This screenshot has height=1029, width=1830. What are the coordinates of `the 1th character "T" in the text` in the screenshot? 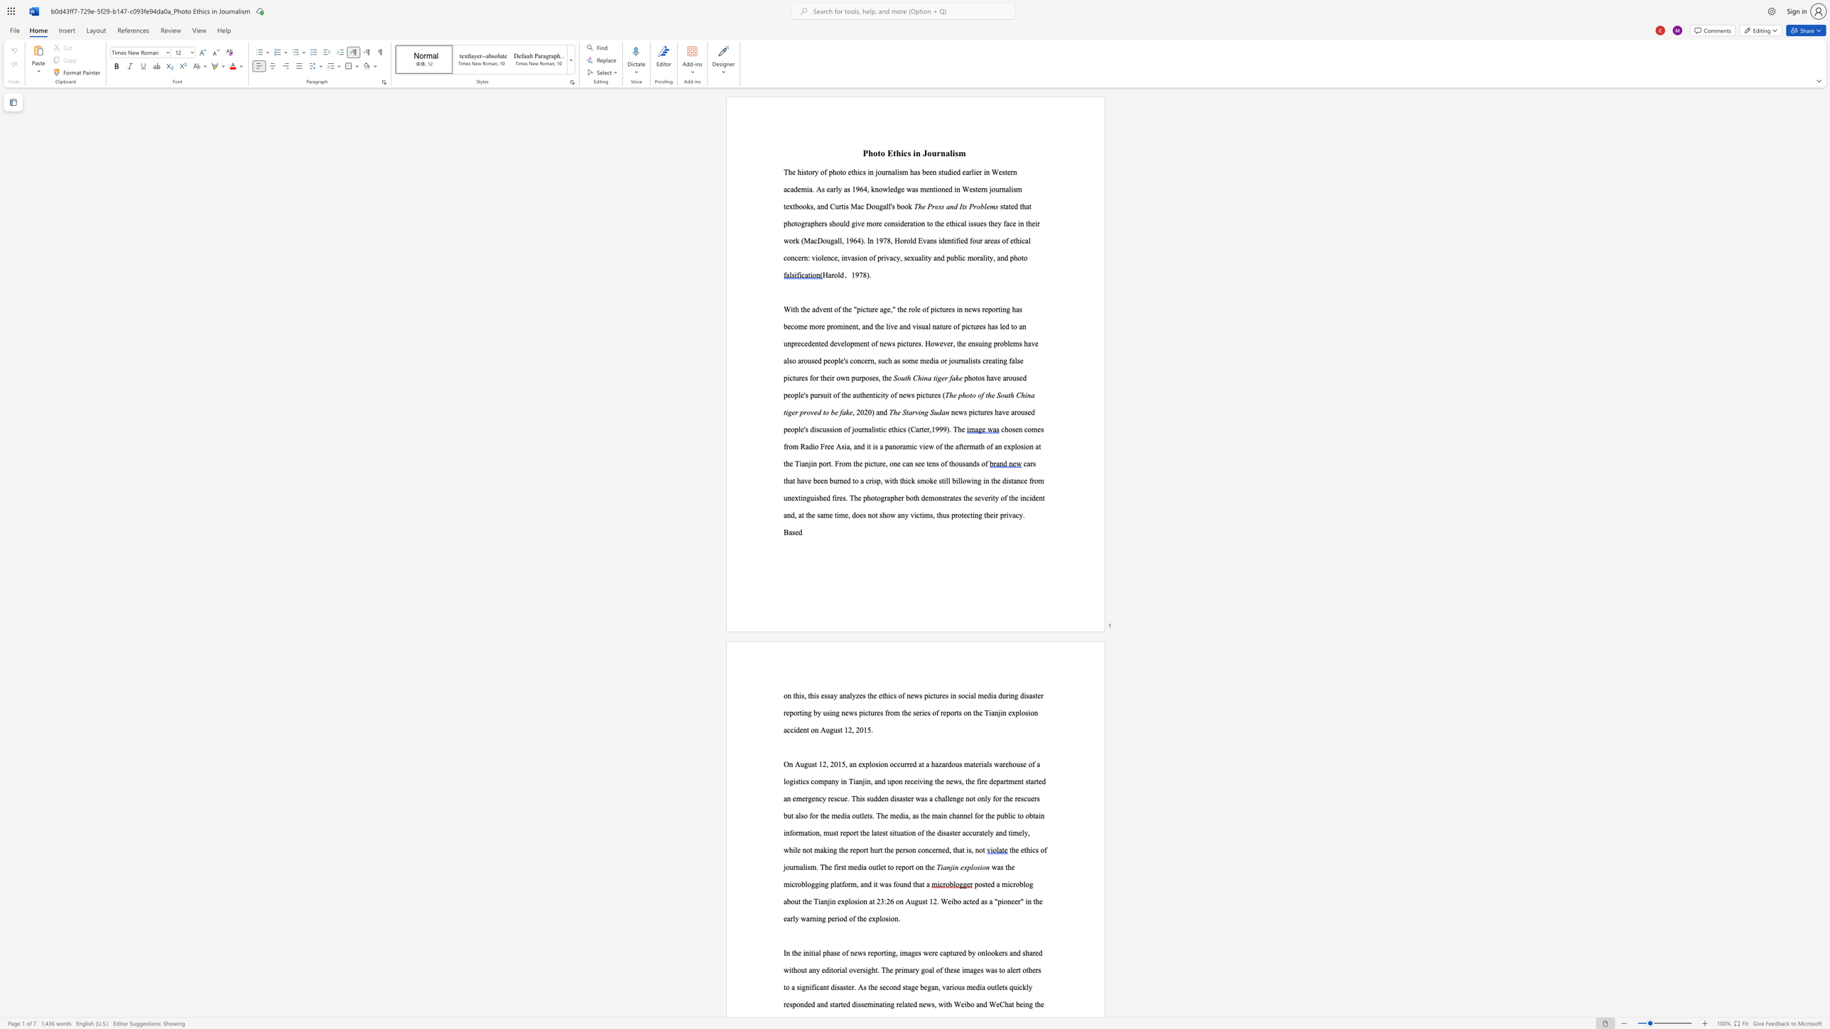 It's located at (986, 712).